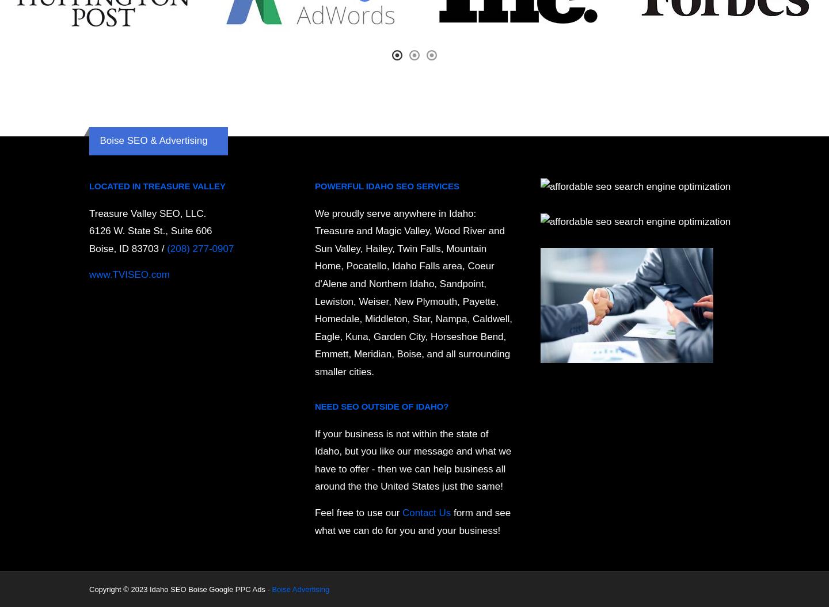 This screenshot has width=829, height=607. What do you see at coordinates (413, 292) in the screenshot?
I see `'We proudly serve anywhere in Idaho: Treasure and Magic Valley, Wood River and Sun Valley, Hailey, Twin Falls, Mountain Home, Pocatello, Idaho Falls area, Coeur d'Alene and Northern Idaho, Sandpoint, Lewiston, Weiser, New Plymouth, Payette, Homedale, Middleton, Star, Nampa, Caldwell, Eagle, Kuna, Garden City, Horseshoe Bend, Emmett, Meridian, Boise, and all surrounding smaller cities.'` at bounding box center [413, 292].